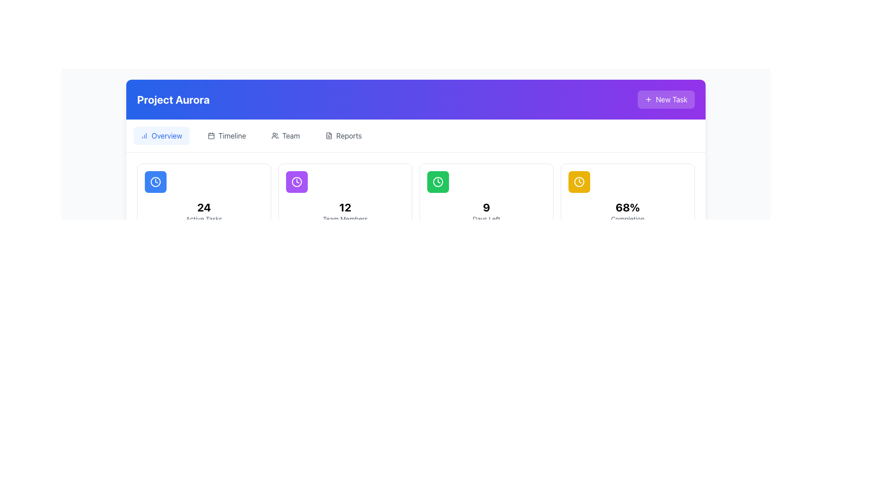  What do you see at coordinates (627, 197) in the screenshot?
I see `the Informational Card that indicates '68% completion', which is the fourth card in a horizontal group of four cards` at bounding box center [627, 197].